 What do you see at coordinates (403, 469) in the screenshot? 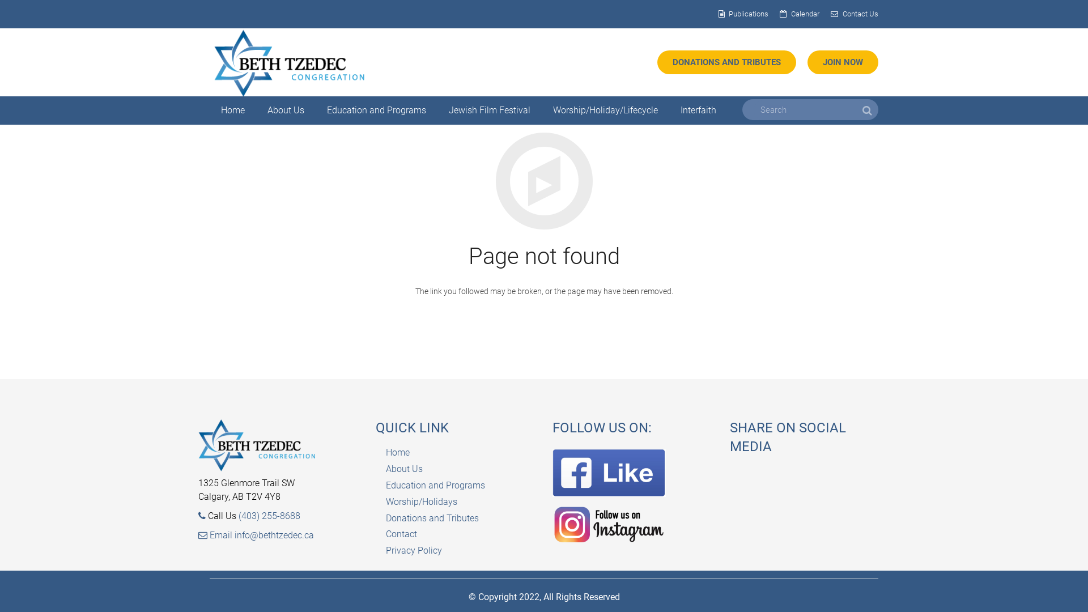
I see `'About Us'` at bounding box center [403, 469].